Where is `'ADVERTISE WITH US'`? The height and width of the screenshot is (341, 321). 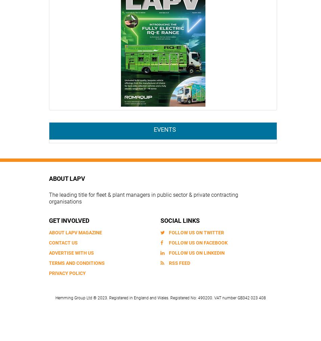 'ADVERTISE WITH US' is located at coordinates (71, 252).